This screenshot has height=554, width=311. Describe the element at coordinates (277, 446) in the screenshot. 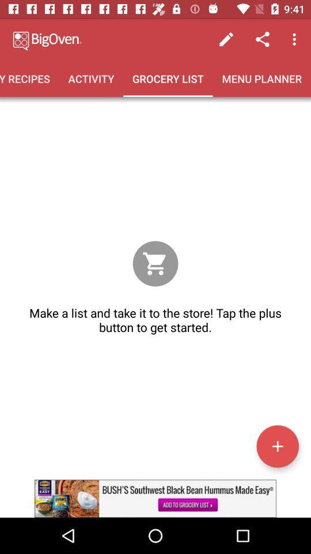

I see `the add icon` at that location.